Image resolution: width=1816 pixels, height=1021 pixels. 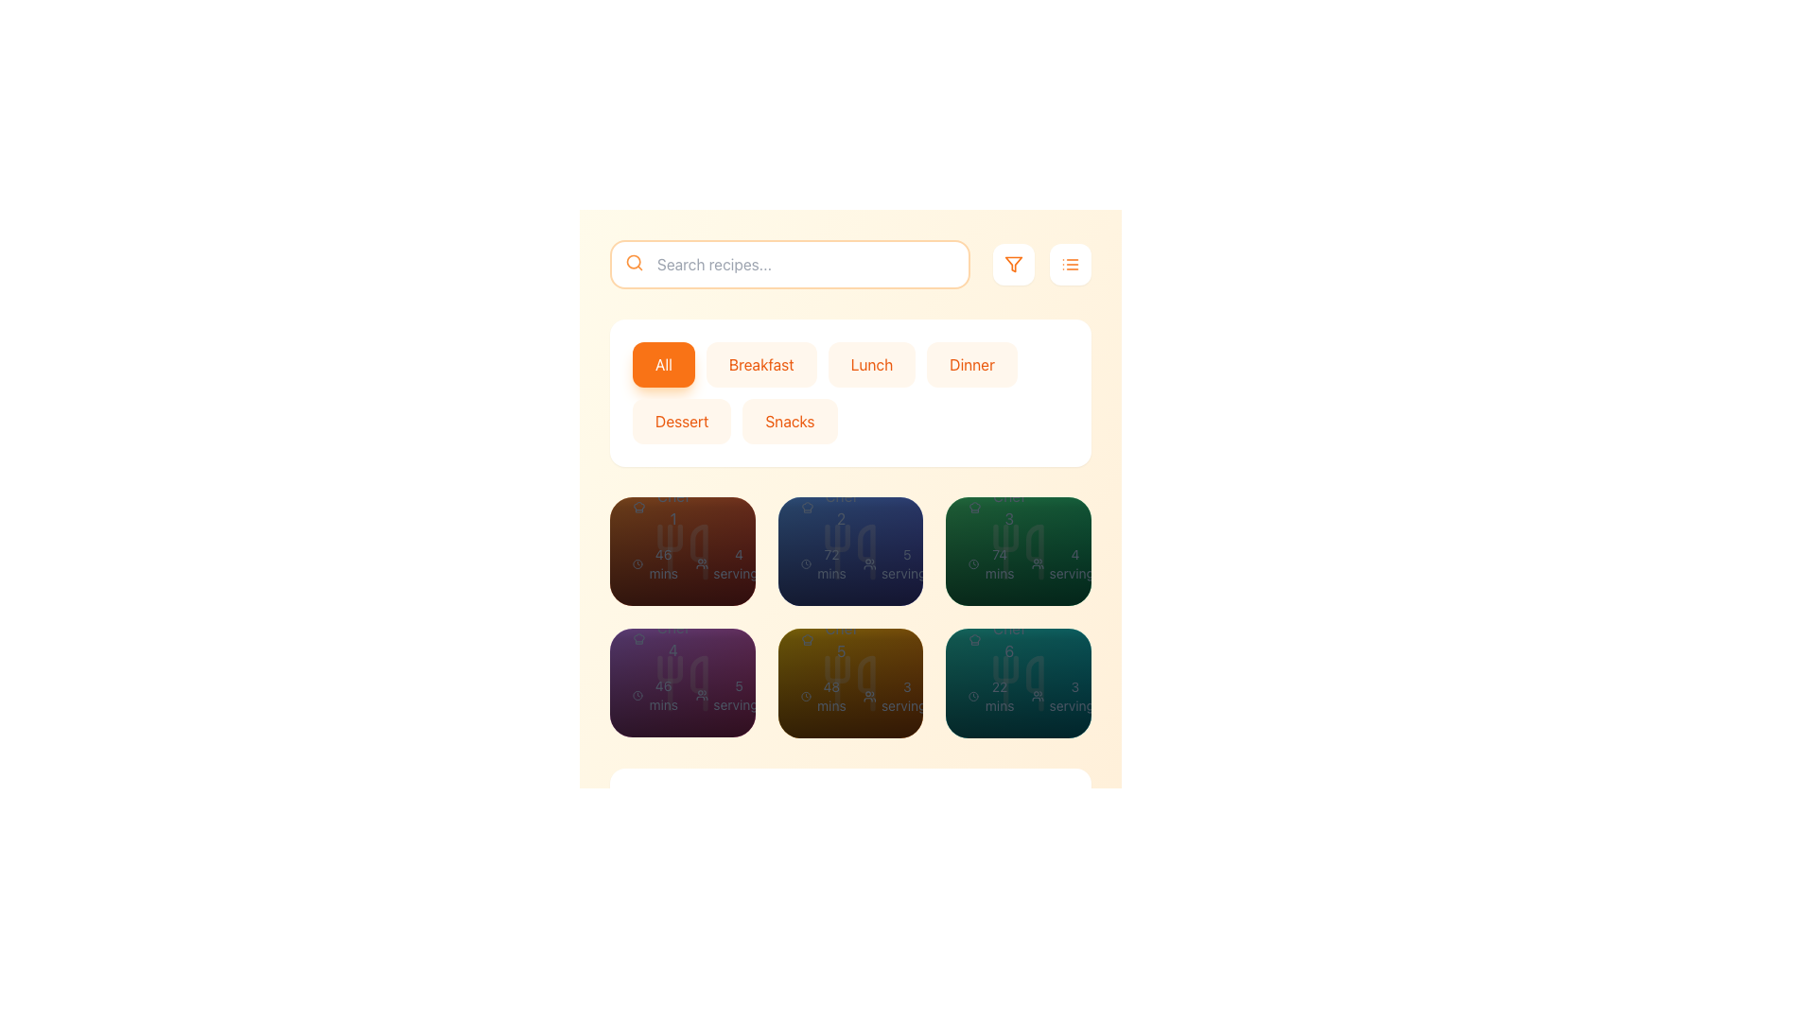 I want to click on textual label '46 mins' which is located in the top-left corner of a grid item, accompanied by a small clock icon, so click(x=656, y=563).